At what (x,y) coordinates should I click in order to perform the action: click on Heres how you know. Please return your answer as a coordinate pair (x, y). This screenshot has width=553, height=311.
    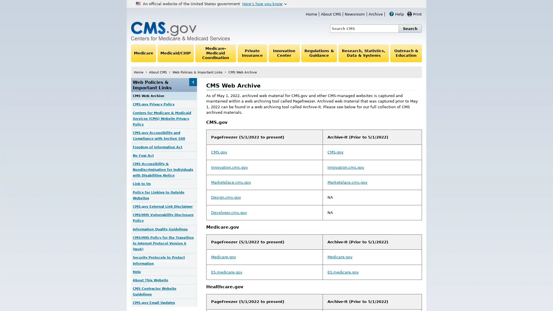
    Looking at the image, I should click on (264, 3).